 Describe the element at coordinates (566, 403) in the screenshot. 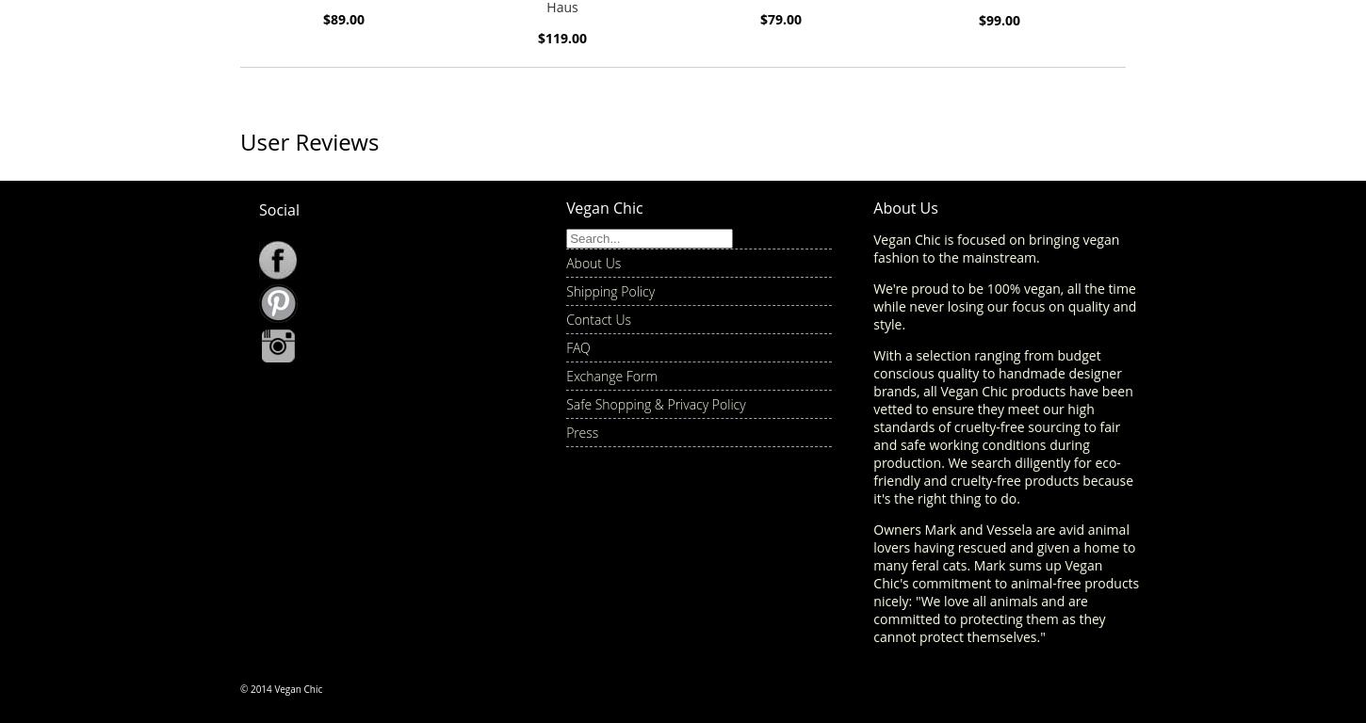

I see `'Safe Shopping & Privacy Policy'` at that location.